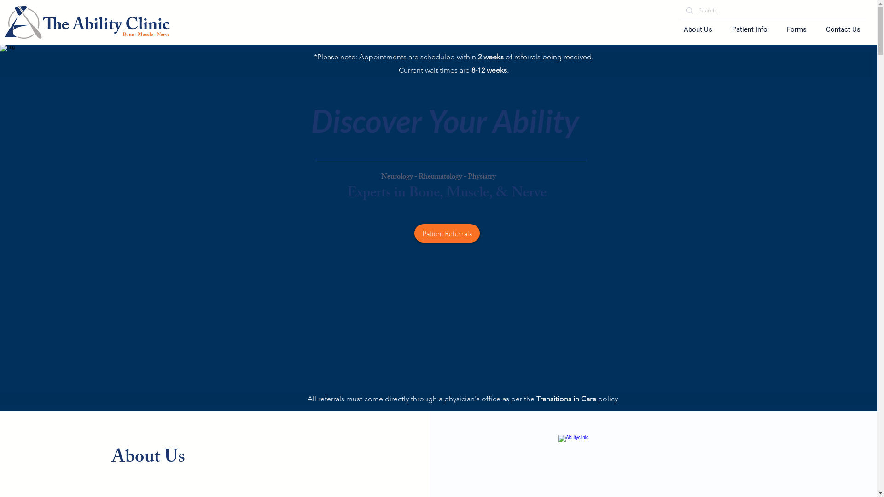  I want to click on 'Patient Referrals', so click(447, 232).